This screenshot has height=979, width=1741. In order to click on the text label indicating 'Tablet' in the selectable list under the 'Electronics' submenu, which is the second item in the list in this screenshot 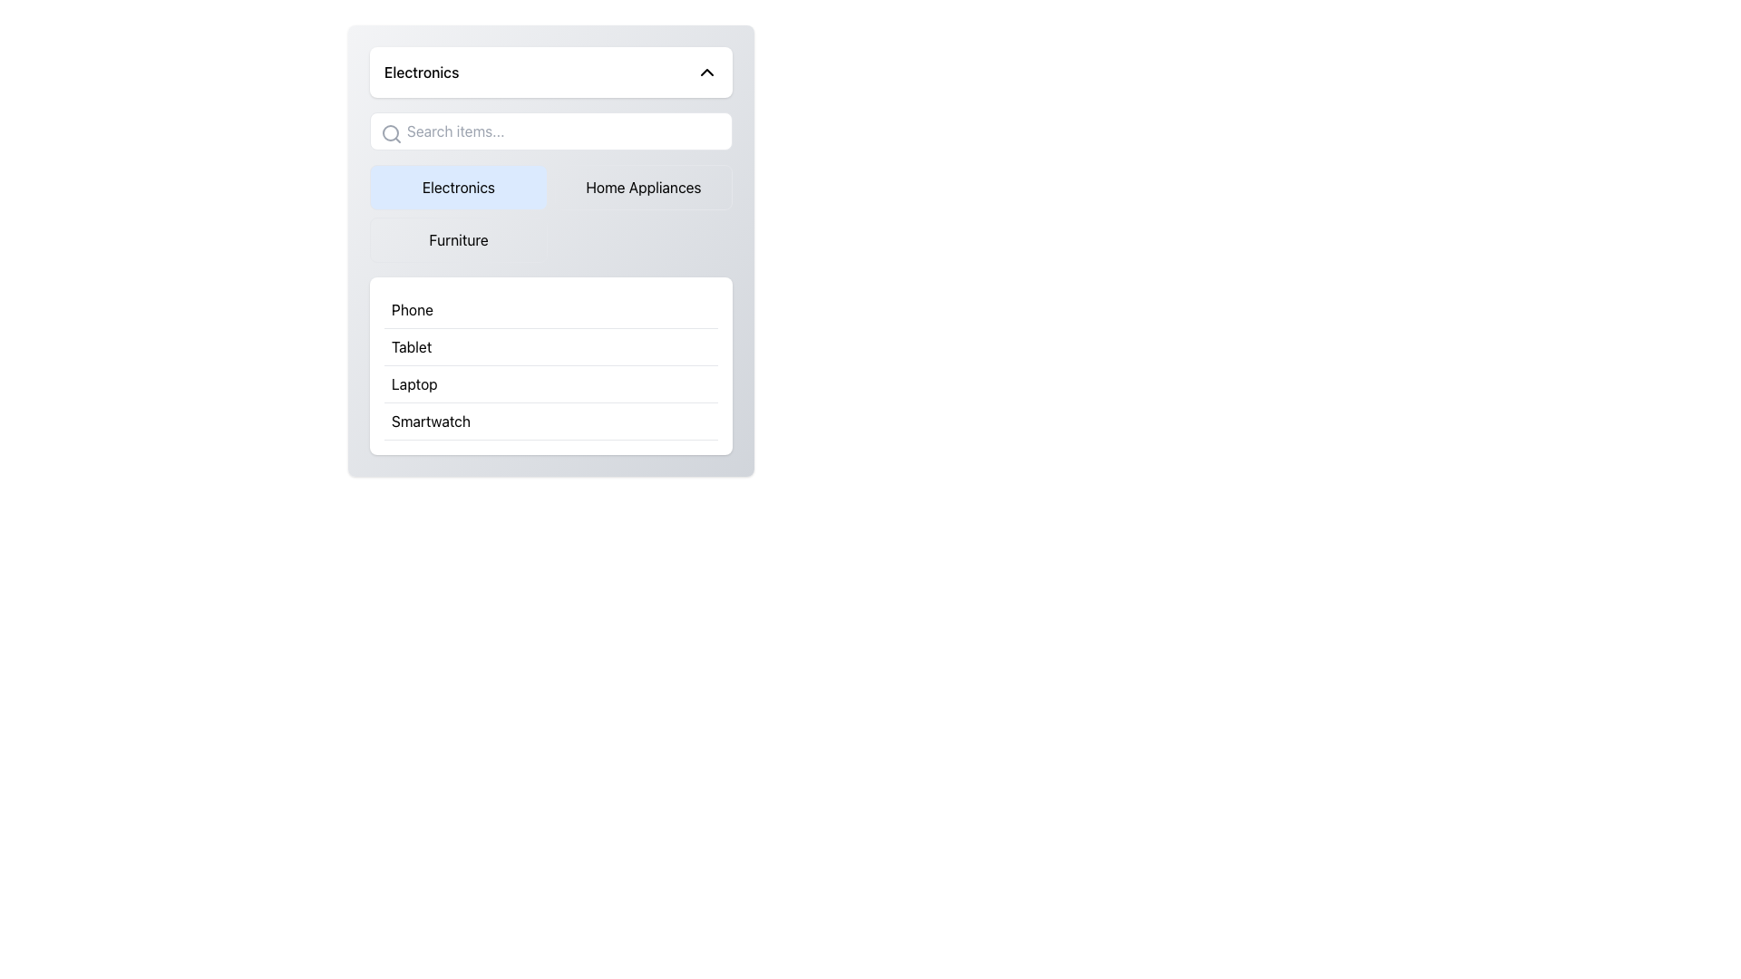, I will do `click(411, 346)`.